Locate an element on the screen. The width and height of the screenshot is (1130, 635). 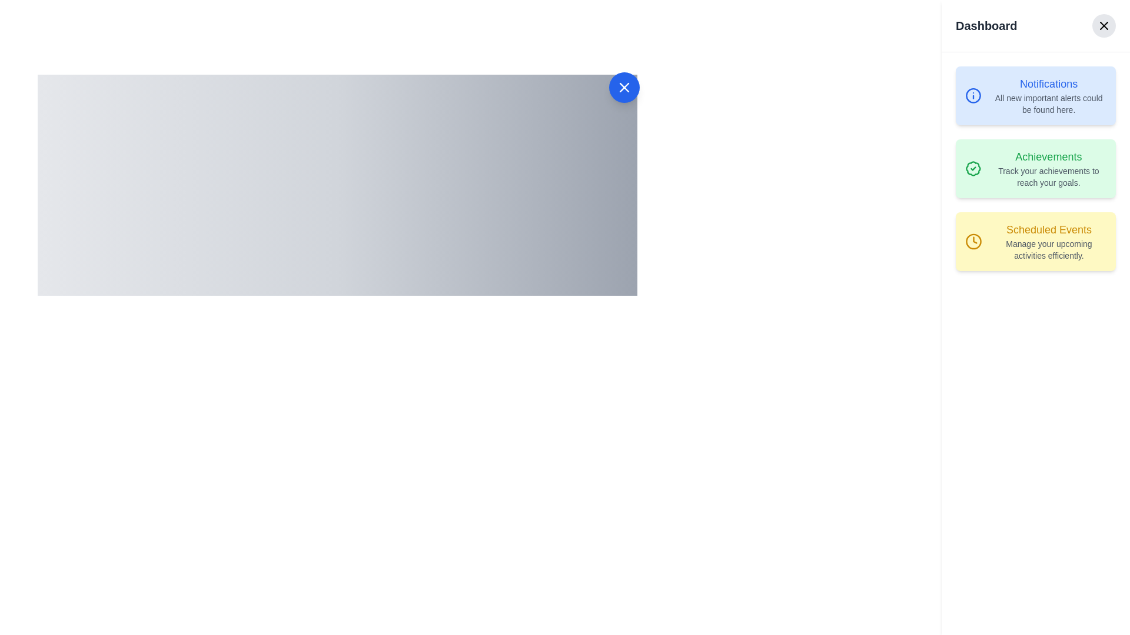
the Text Display element that shows 'Achievements' and its description 'Track your achievements to reach your goals.' is located at coordinates (1048, 168).